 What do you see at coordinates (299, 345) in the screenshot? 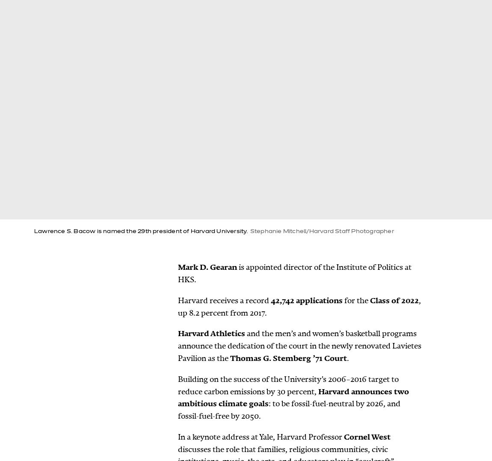
I see `'and the men’s and women’s basketball programs announce the dedication of the court in the newly renovated Lavietes Pavilion as the'` at bounding box center [299, 345].